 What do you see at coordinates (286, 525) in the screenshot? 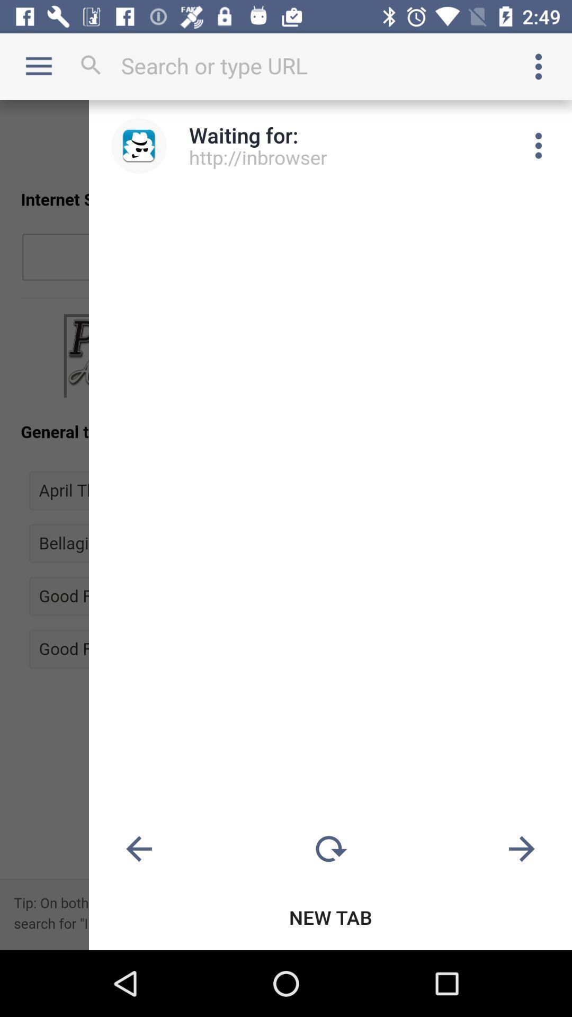
I see `item at the center` at bounding box center [286, 525].